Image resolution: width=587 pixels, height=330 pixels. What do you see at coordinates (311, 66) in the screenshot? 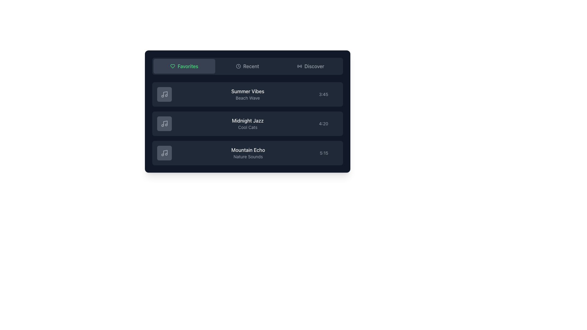
I see `the 'Discover' button, which is the third button in the horizontal navigation bar` at bounding box center [311, 66].